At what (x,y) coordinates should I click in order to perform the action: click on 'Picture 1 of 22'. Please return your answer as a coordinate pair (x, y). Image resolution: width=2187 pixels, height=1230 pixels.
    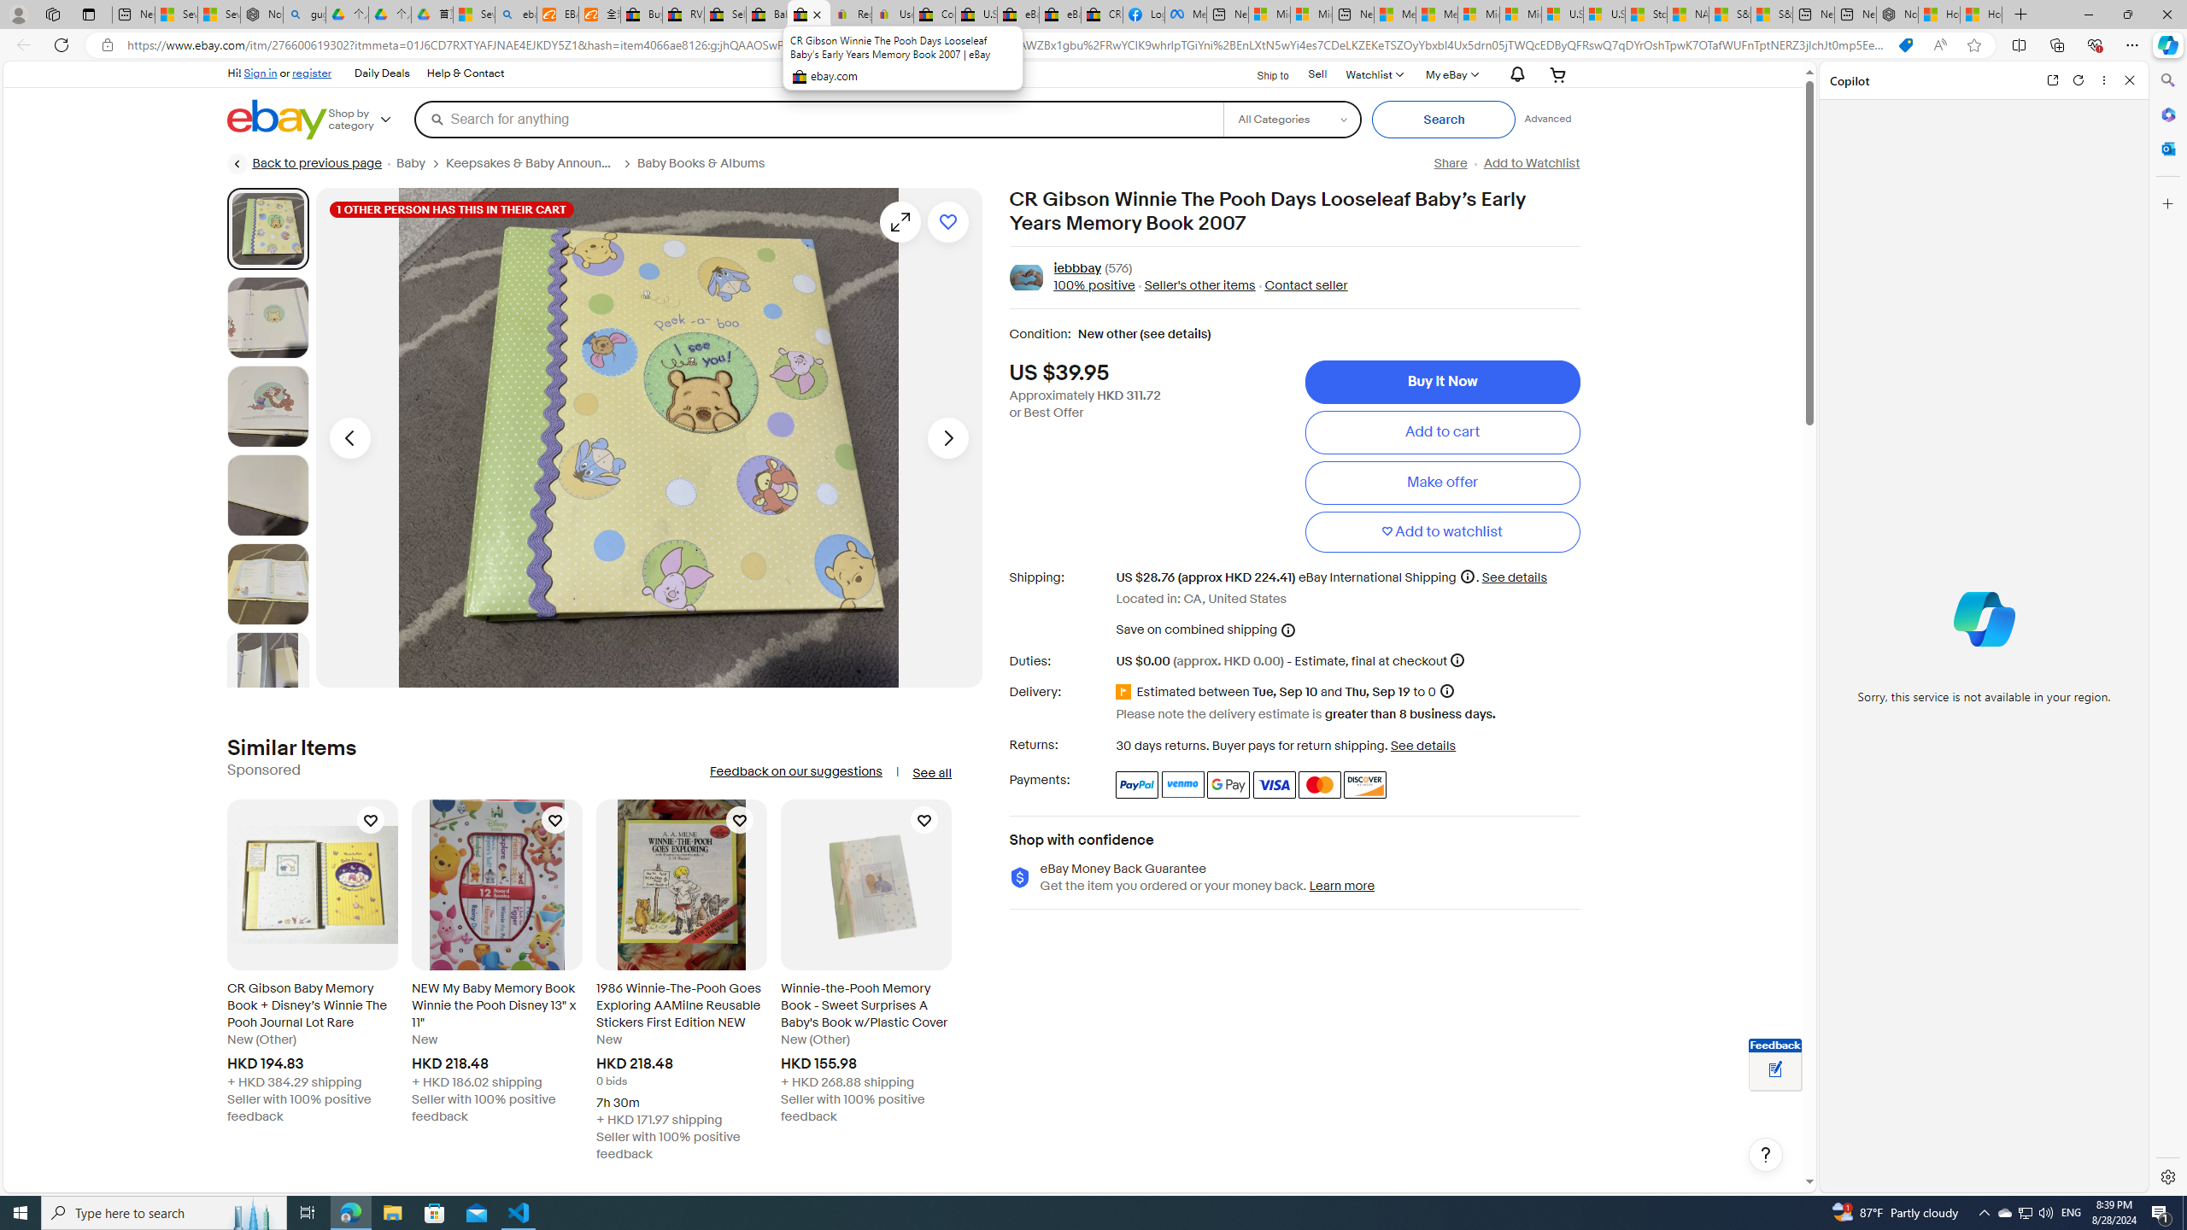
    Looking at the image, I should click on (267, 229).